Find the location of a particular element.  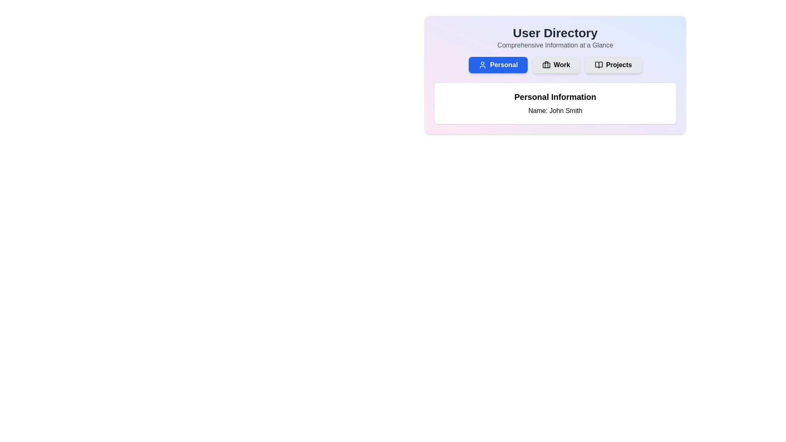

the bold, large-sized text label displaying 'User Directory' which is located at the top of the user interface card is located at coordinates (555, 33).